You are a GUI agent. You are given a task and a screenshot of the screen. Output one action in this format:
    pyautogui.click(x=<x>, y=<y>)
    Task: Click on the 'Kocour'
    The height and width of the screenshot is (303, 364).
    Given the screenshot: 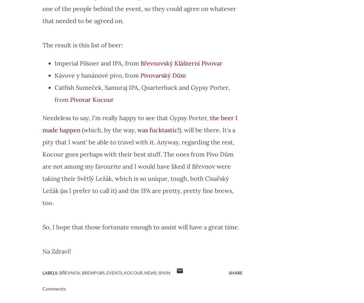 What is the action you would take?
    pyautogui.click(x=133, y=273)
    